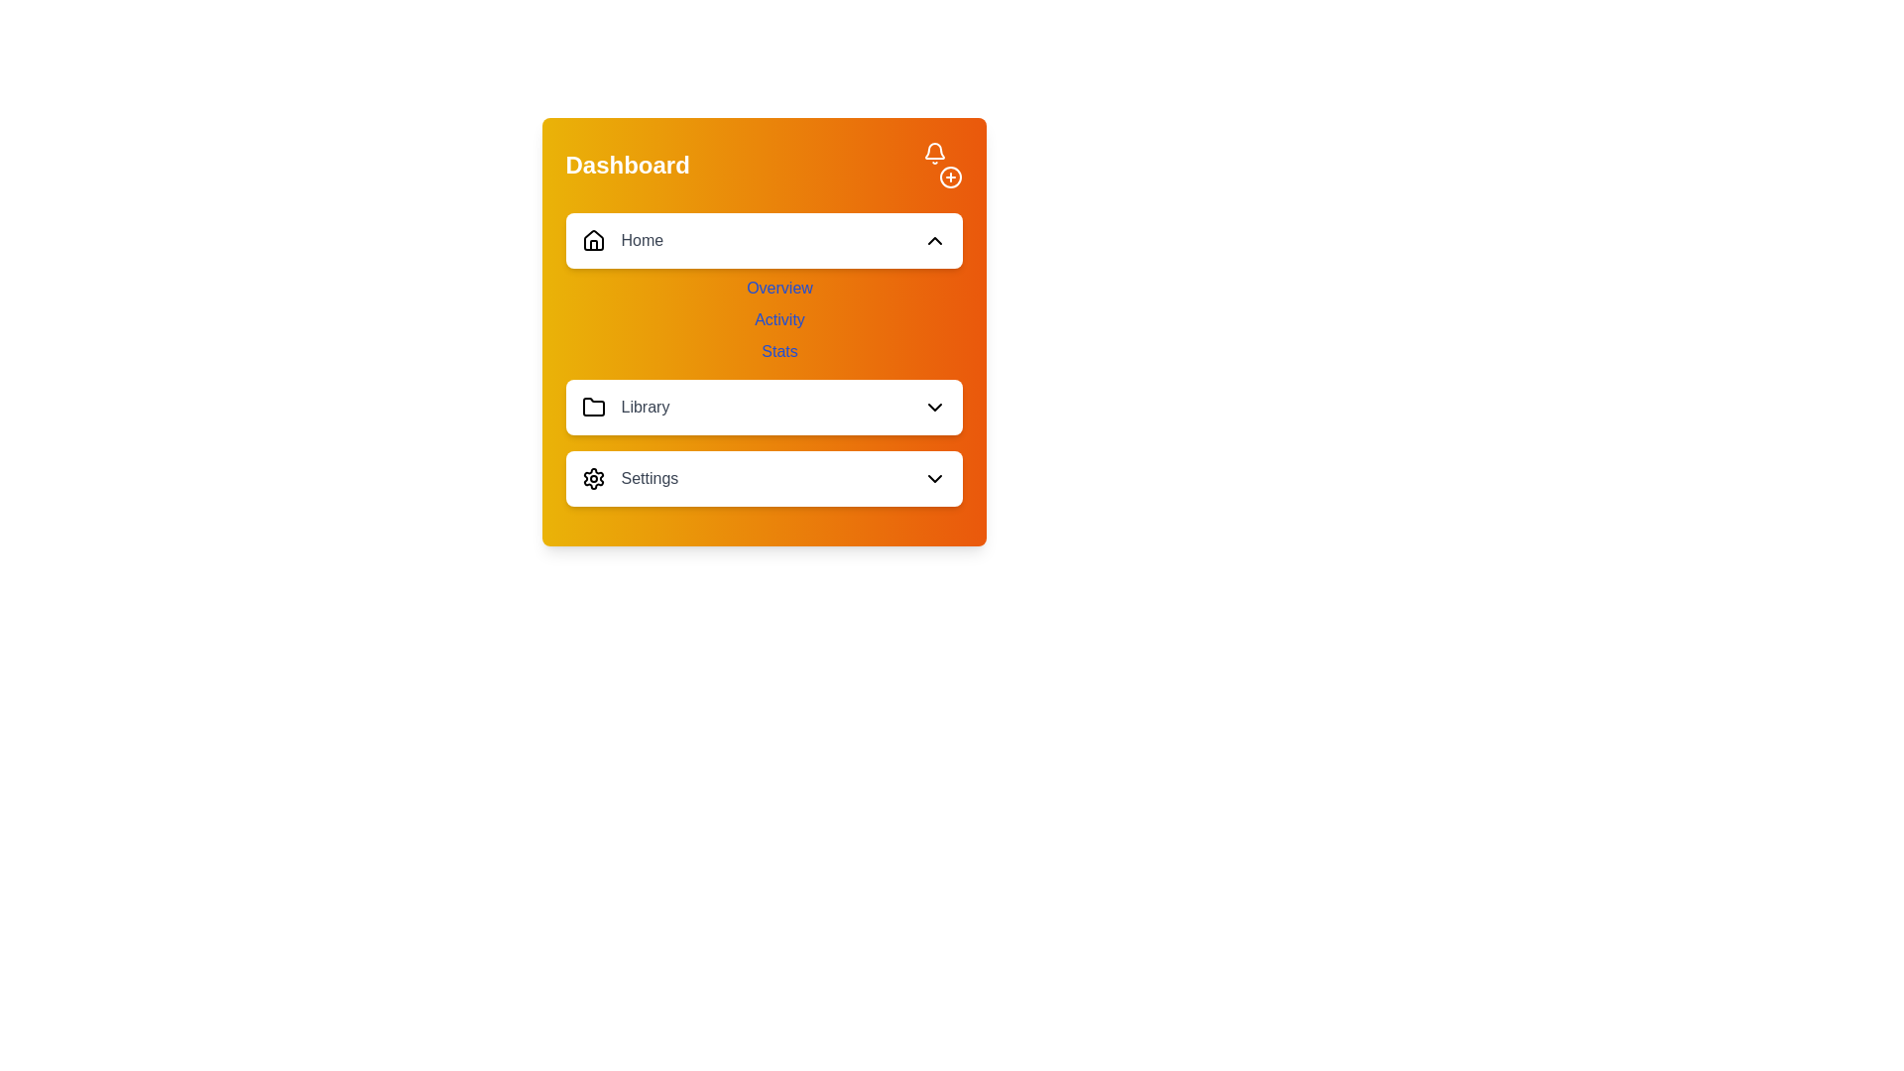 This screenshot has height=1071, width=1904. Describe the element at coordinates (763, 407) in the screenshot. I see `the 'Library' button, which is the second item in a vertical list of three within the card layout` at that location.